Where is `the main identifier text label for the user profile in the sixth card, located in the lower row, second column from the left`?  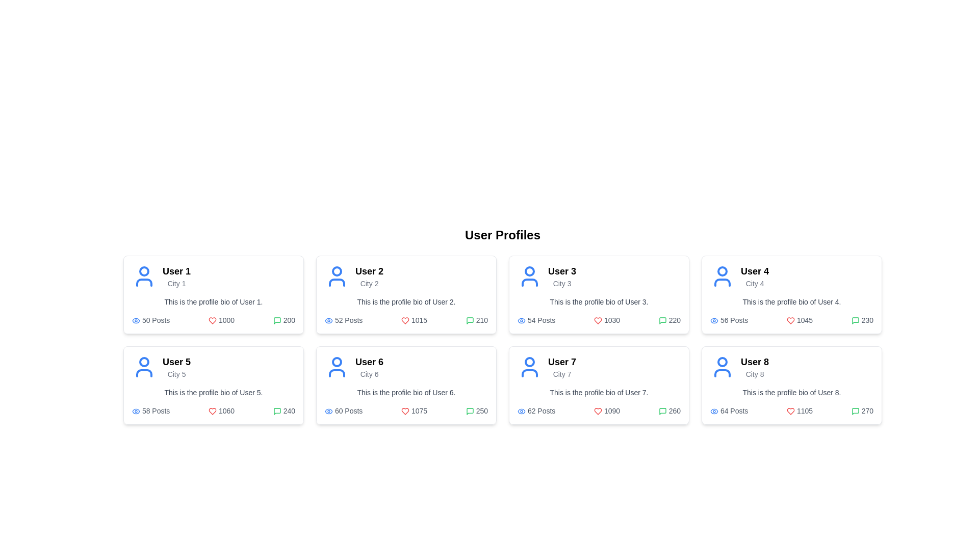 the main identifier text label for the user profile in the sixth card, located in the lower row, second column from the left is located at coordinates (369, 361).